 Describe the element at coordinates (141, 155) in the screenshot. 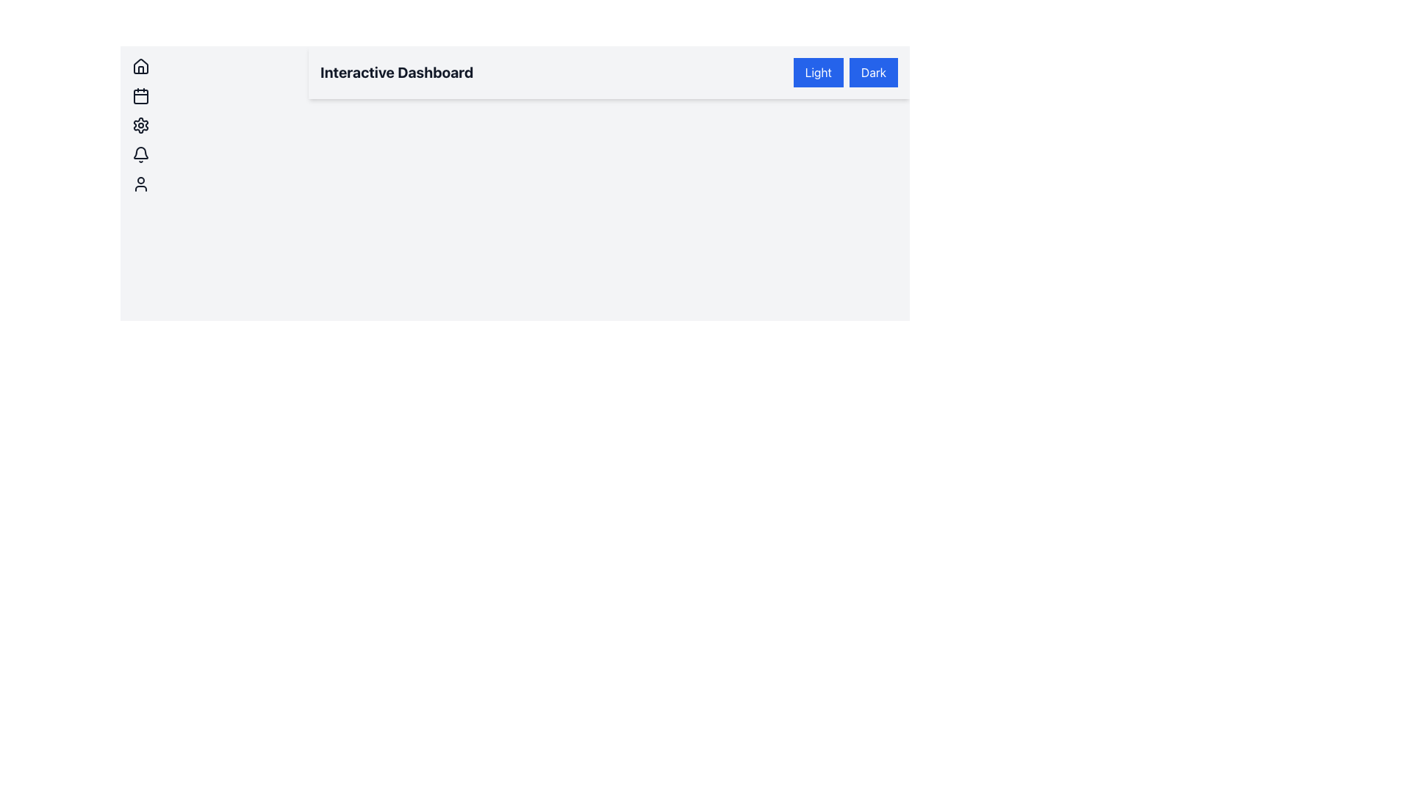

I see `the bell icon, which has a rounded design and a monochrome outline, positioned fourth from the top in the left sidebar` at that location.